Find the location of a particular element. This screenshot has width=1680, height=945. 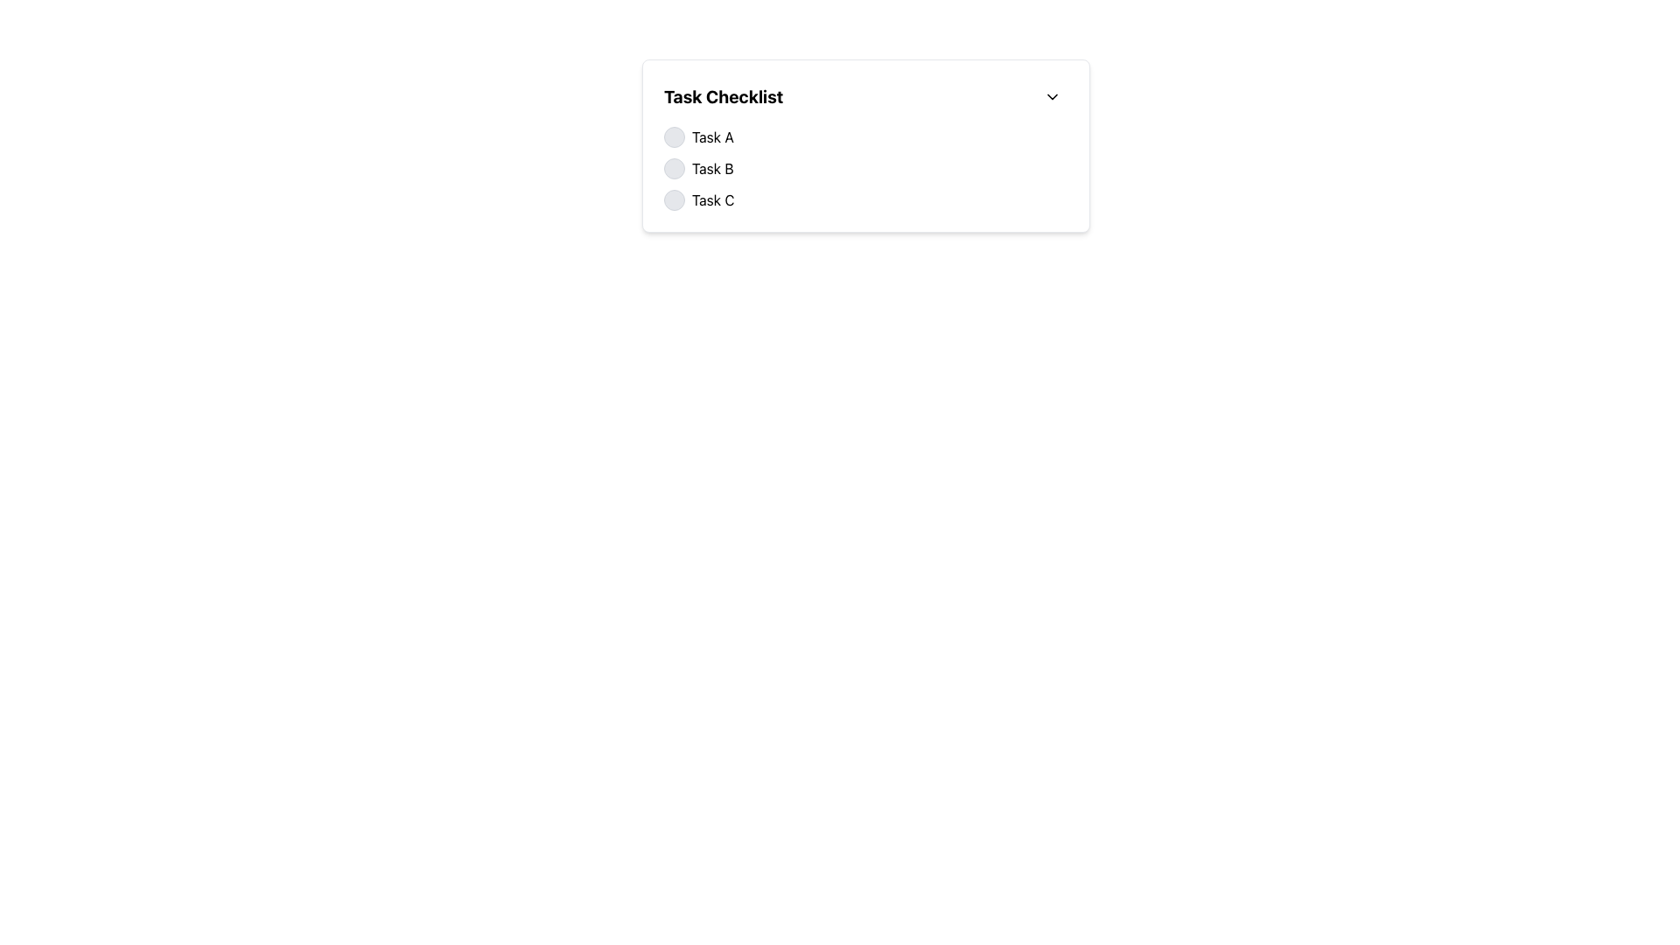

the third checklist item labeled 'Task C' in the Task Checklist interface to interact with the checkbox is located at coordinates (865, 199).